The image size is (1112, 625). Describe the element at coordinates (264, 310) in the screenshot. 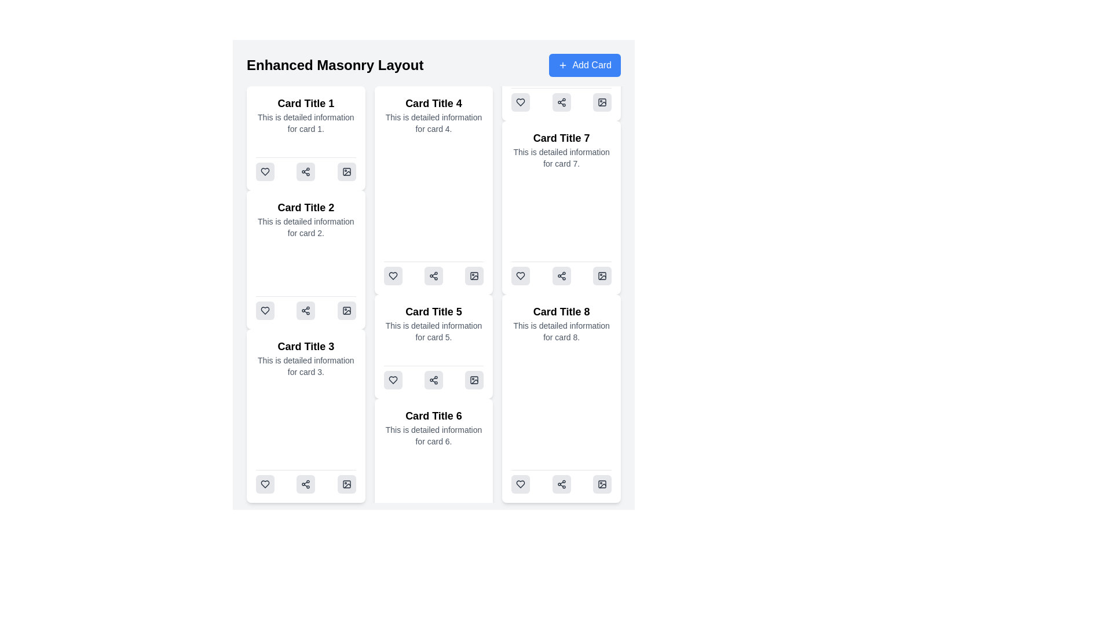

I see `the heart icon button in the row of interactive buttons at the bottom of 'Card Title 2'` at that location.